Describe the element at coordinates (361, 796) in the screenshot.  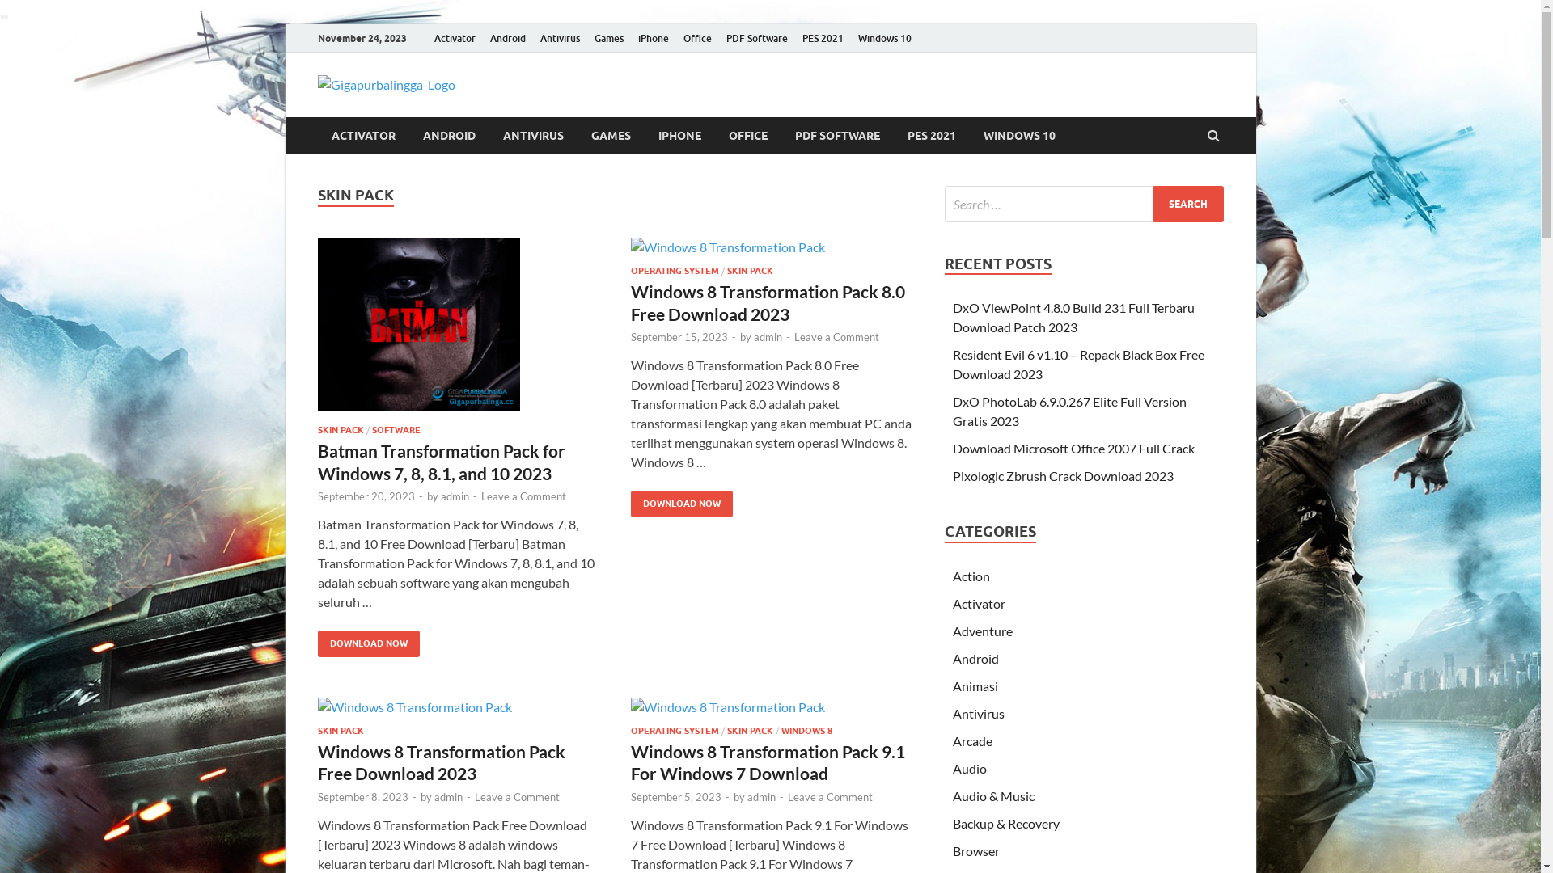
I see `'September 8, 2023'` at that location.